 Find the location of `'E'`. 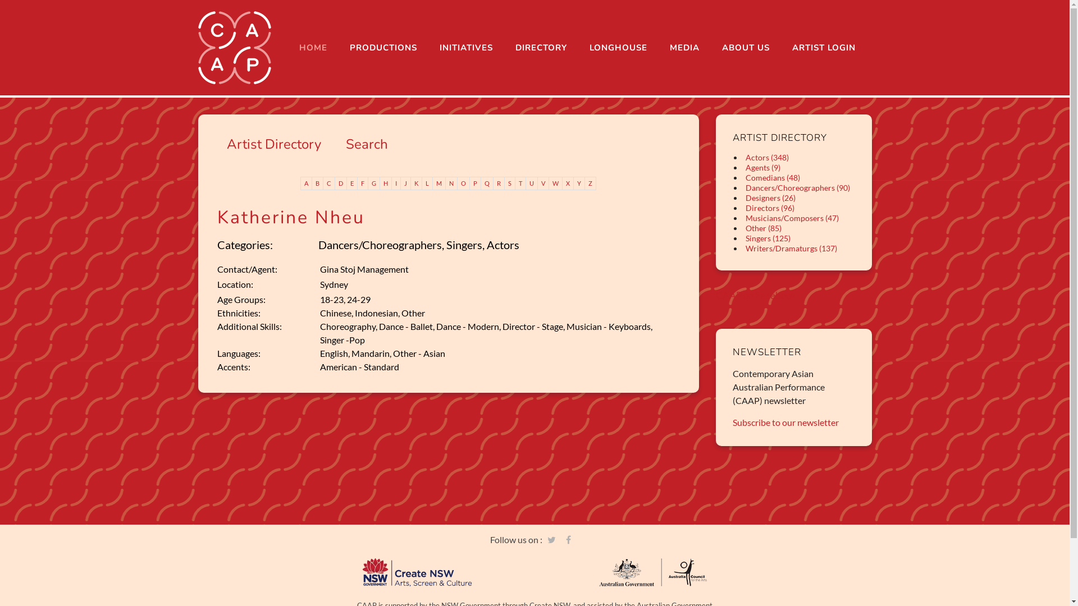

'E' is located at coordinates (351, 183).